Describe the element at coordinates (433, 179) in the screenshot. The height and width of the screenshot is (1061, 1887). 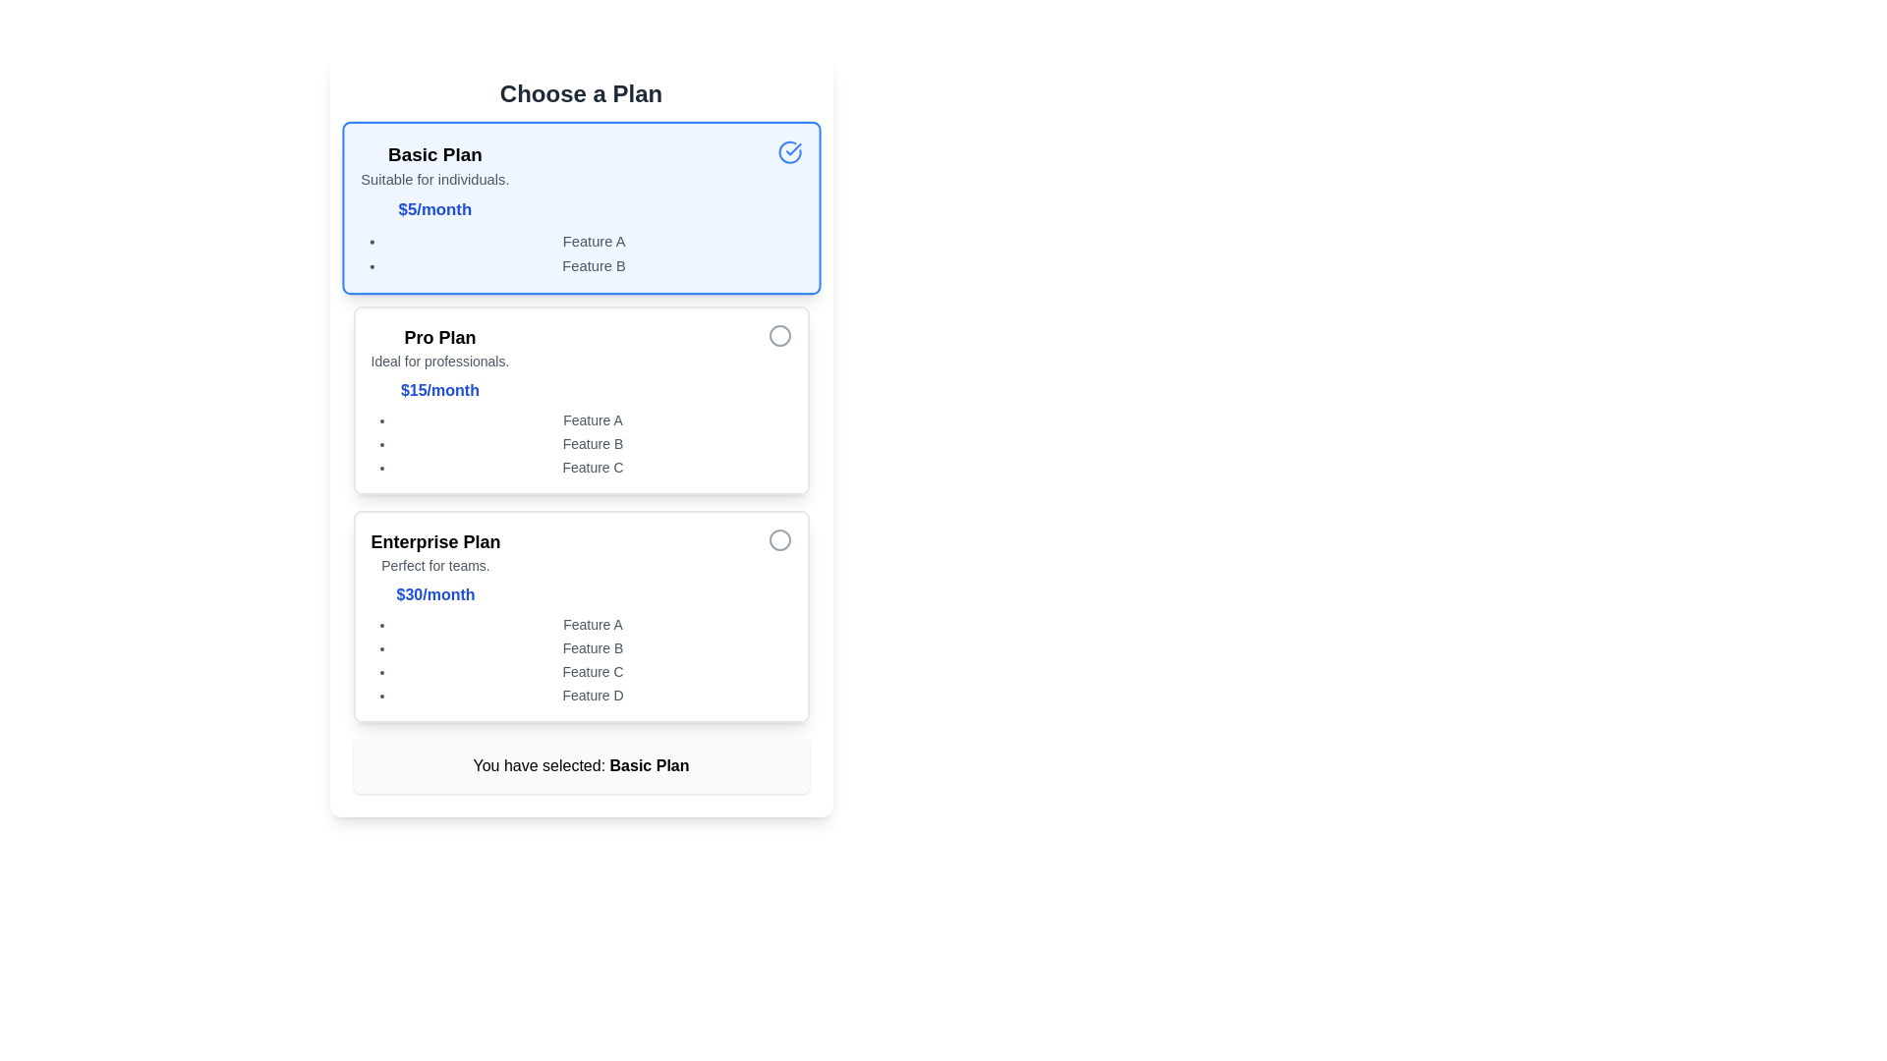
I see `descriptive information of the text element that reads 'Suitable for individuals.' located beneath the title 'Basic Plan' and above the pricing information '$5/month'` at that location.